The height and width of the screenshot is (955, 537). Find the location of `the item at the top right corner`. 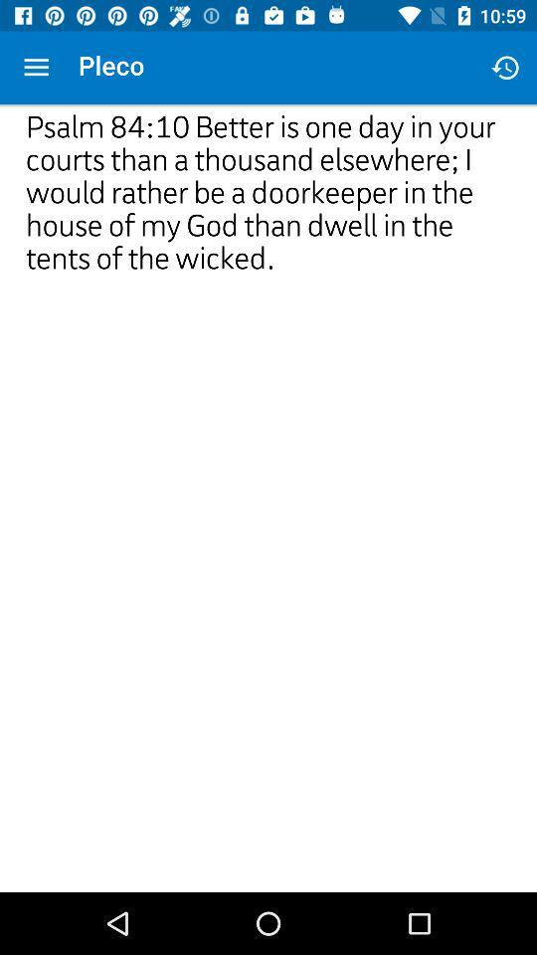

the item at the top right corner is located at coordinates (505, 68).